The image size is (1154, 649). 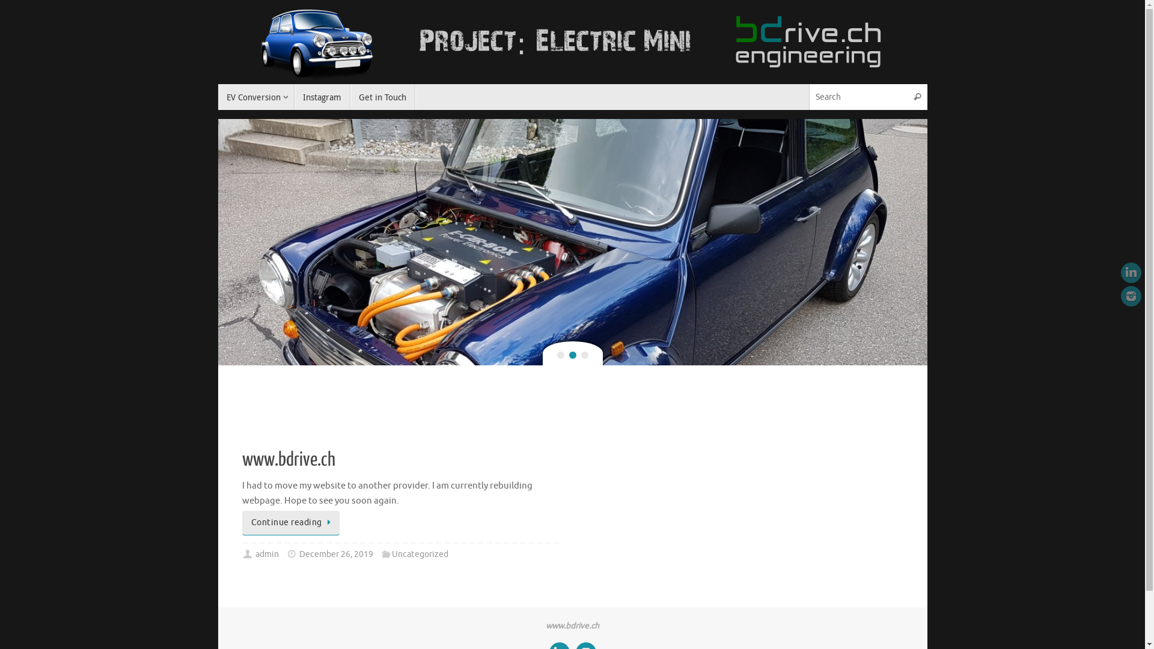 I want to click on 'www.bdrive.ch', so click(x=287, y=459).